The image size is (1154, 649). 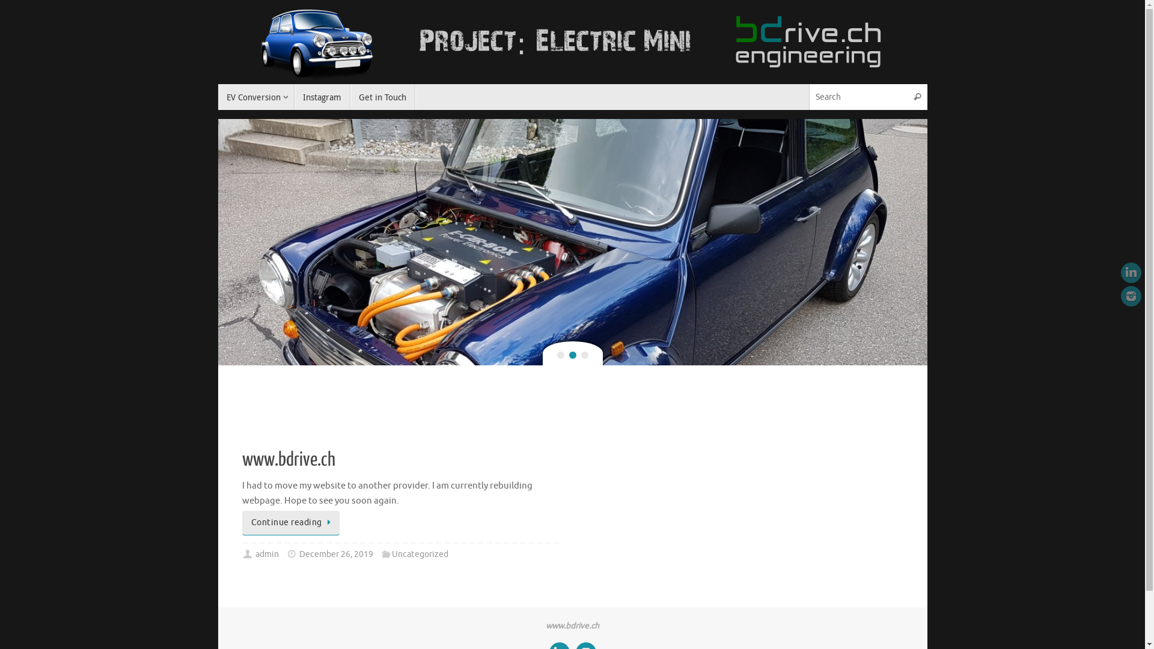 I want to click on 'www.bdrive.ch', so click(x=287, y=459).